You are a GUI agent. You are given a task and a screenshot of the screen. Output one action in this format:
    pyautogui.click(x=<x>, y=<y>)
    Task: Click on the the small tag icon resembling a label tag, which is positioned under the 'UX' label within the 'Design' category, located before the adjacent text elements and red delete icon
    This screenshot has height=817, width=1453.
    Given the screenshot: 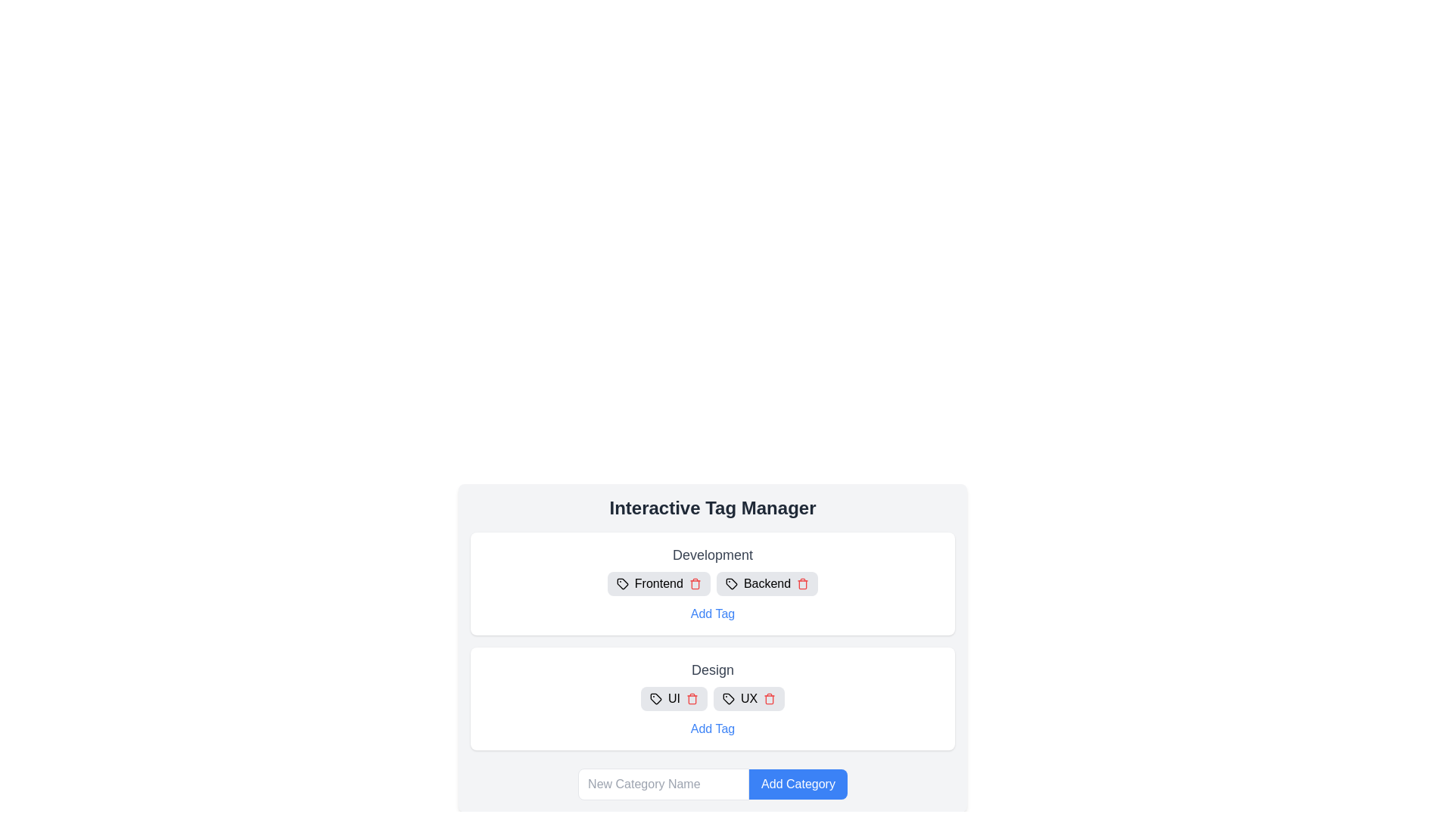 What is the action you would take?
    pyautogui.click(x=728, y=699)
    